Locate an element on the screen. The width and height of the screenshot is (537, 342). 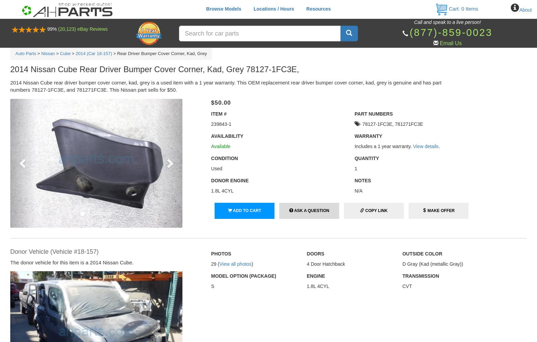
'Email Us' is located at coordinates (439, 43).